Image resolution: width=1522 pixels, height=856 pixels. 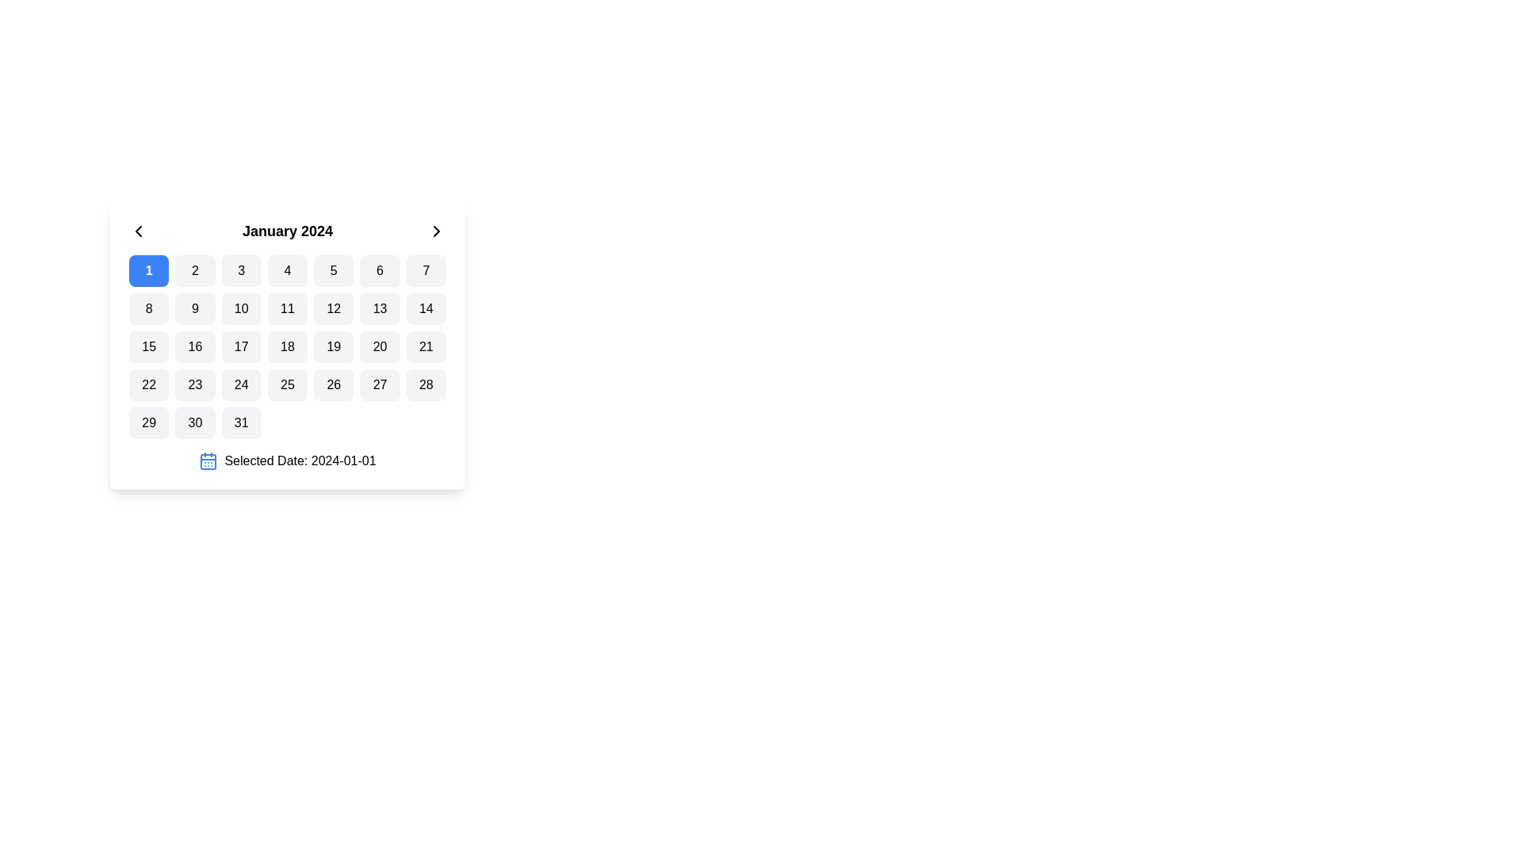 What do you see at coordinates (437, 231) in the screenshot?
I see `the navigation button located on the far-right side of the calendar header, adjacent to 'January 2024'` at bounding box center [437, 231].